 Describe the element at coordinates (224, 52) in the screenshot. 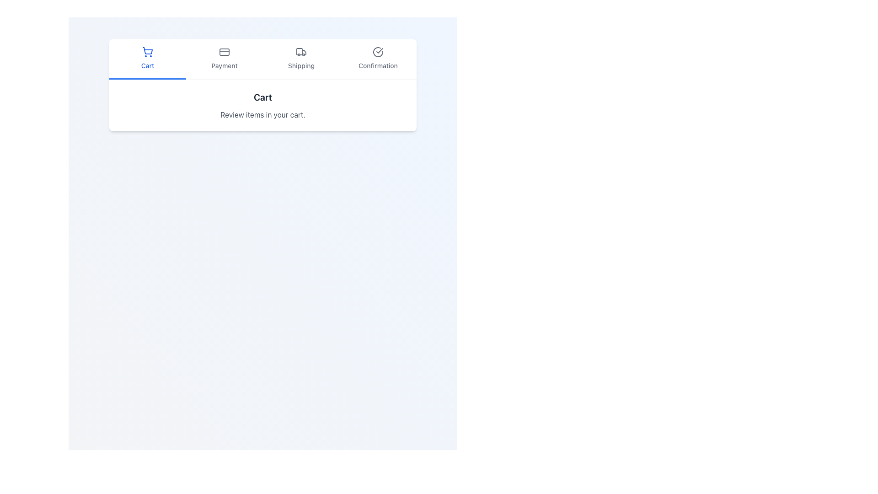

I see `the credit card icon, which is a rectangular shape with rounded corners located in the upper rectangular region of the navigation bar, positioned second from the left` at that location.